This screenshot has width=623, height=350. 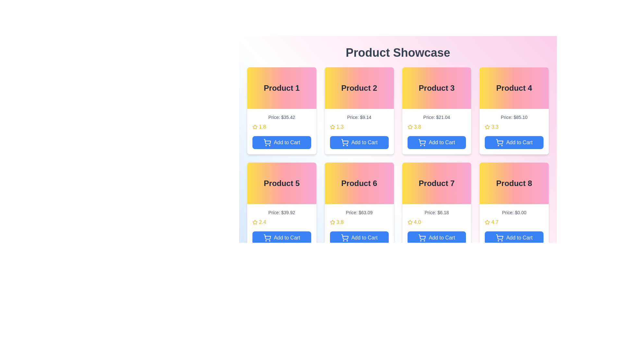 What do you see at coordinates (436, 88) in the screenshot?
I see `the upper central label displaying product identification with the bold text 'Product 3' and a gradient background transitioning from yellow to pink` at bounding box center [436, 88].